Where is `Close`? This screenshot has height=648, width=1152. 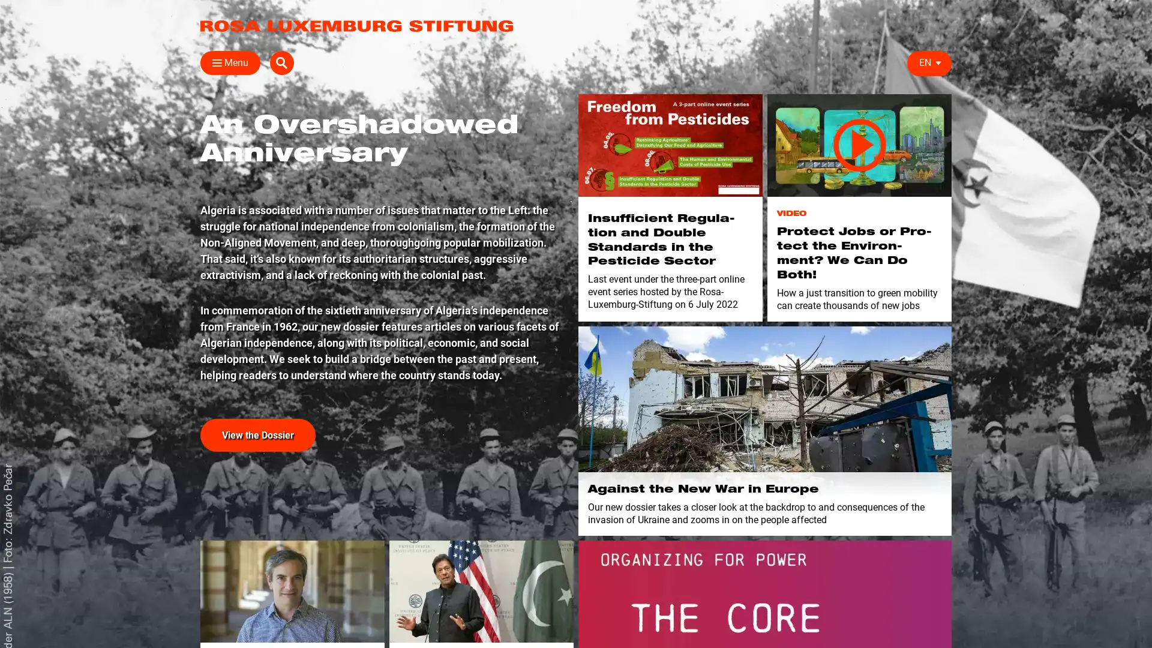 Close is located at coordinates (212, 62).